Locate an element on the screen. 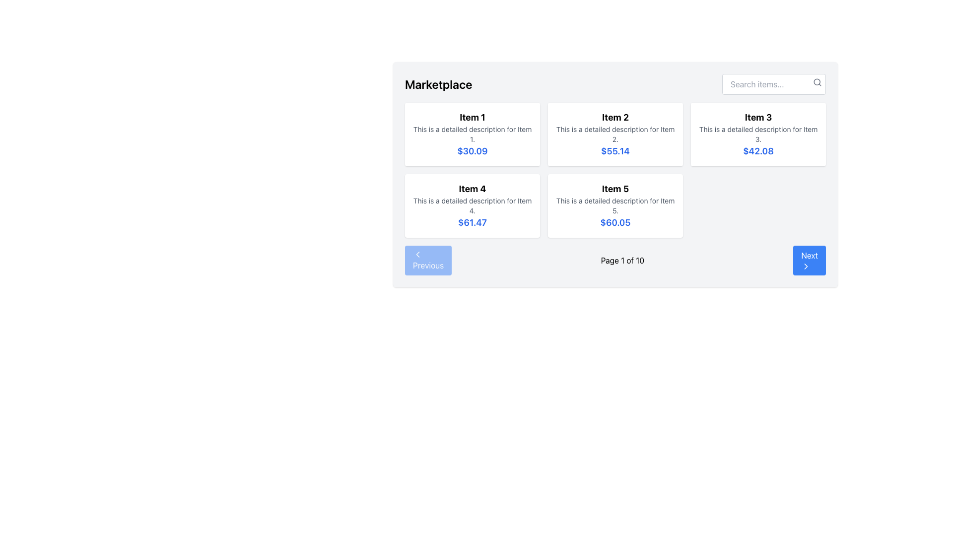  the price Text Label of the product listed under 'Item 5' in the top-right quadrant of the page is located at coordinates (614, 222).